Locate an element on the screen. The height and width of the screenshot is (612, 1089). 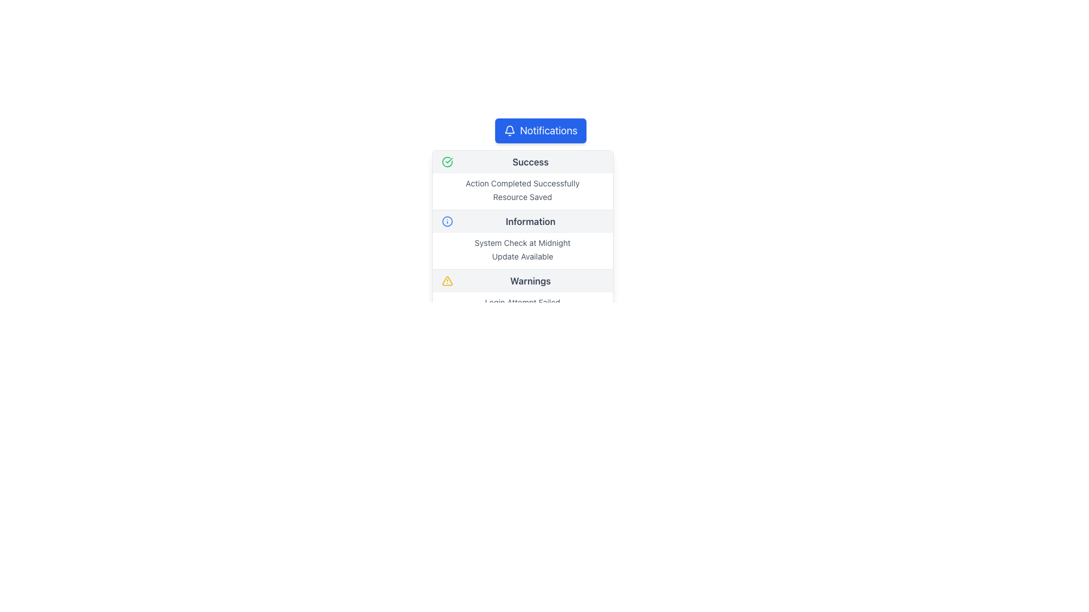
the blue 'Notifications' button with a bell icon is located at coordinates (540, 130).